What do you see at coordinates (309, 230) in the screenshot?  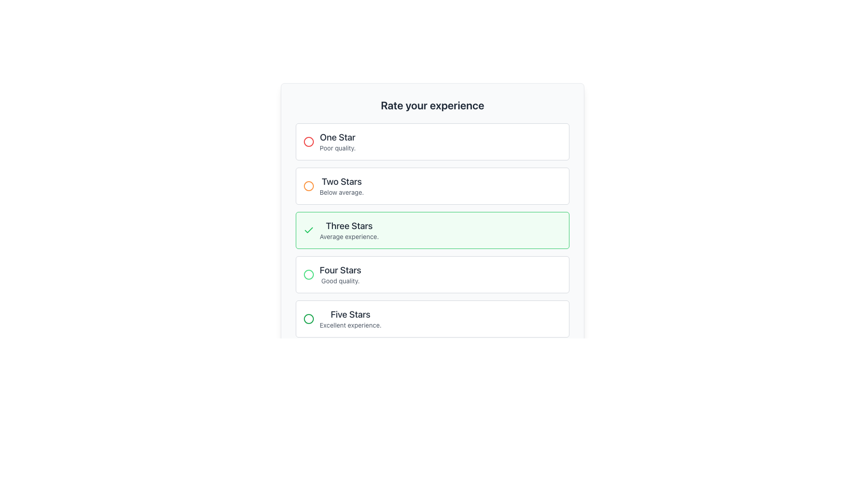 I see `the checkmark icon indicating the selection of 'Three Stars' in the 'Rate your experience' section` at bounding box center [309, 230].